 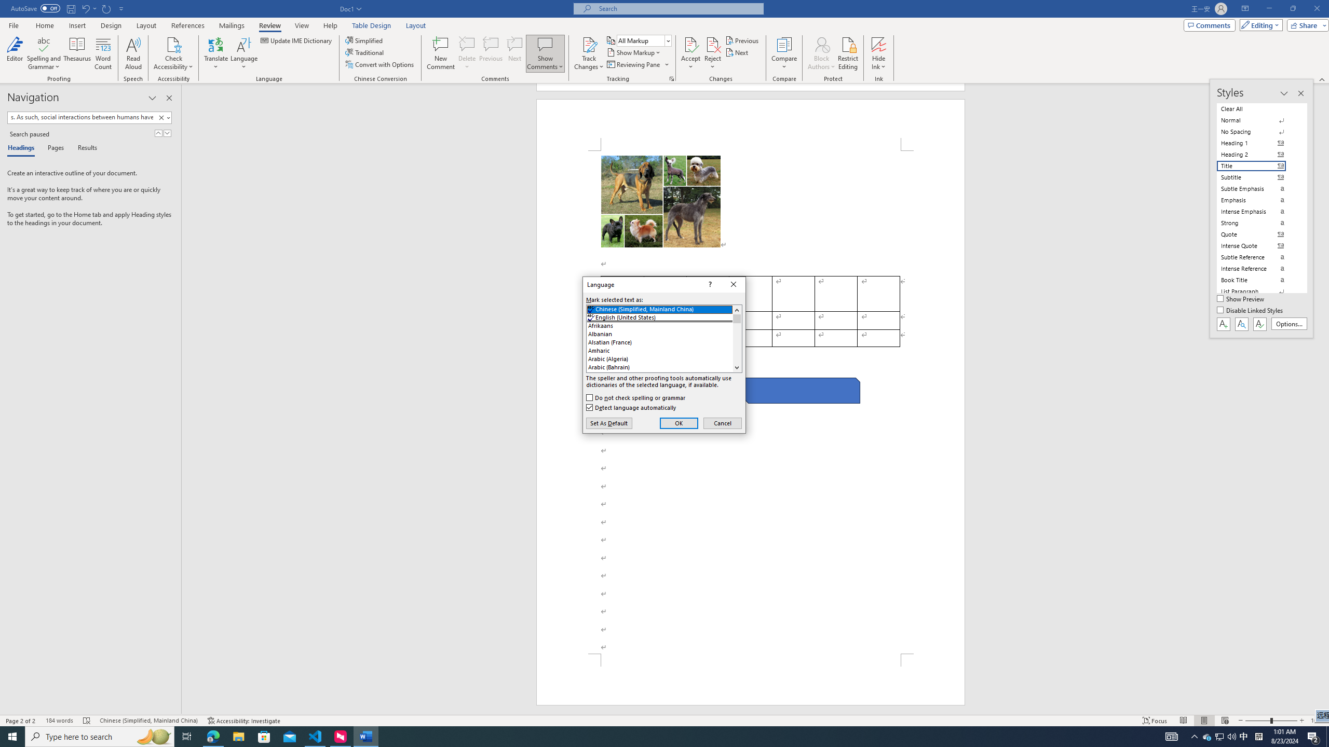 What do you see at coordinates (637, 63) in the screenshot?
I see `'Reviewing Pane'` at bounding box center [637, 63].